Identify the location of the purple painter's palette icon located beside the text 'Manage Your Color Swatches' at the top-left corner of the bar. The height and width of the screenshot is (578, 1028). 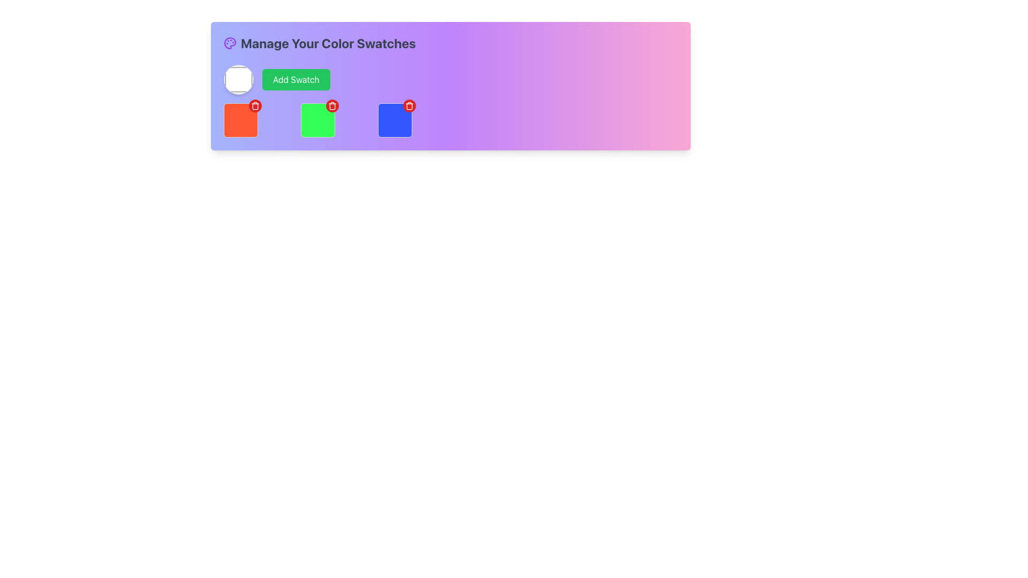
(230, 43).